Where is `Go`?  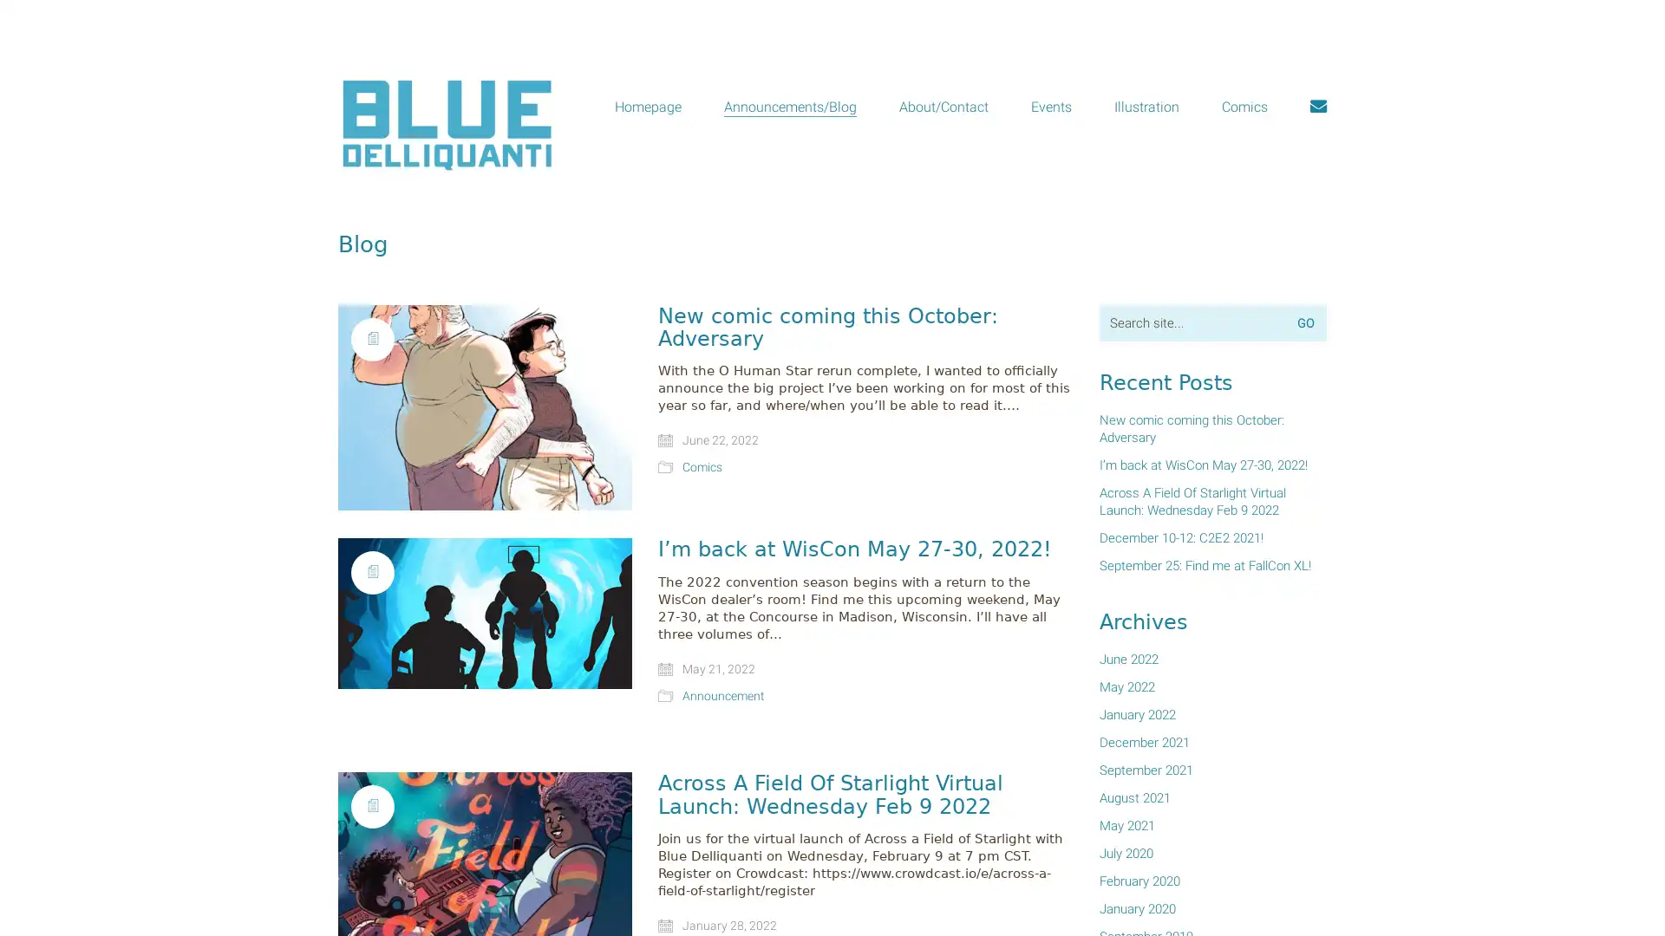 Go is located at coordinates (1309, 322).